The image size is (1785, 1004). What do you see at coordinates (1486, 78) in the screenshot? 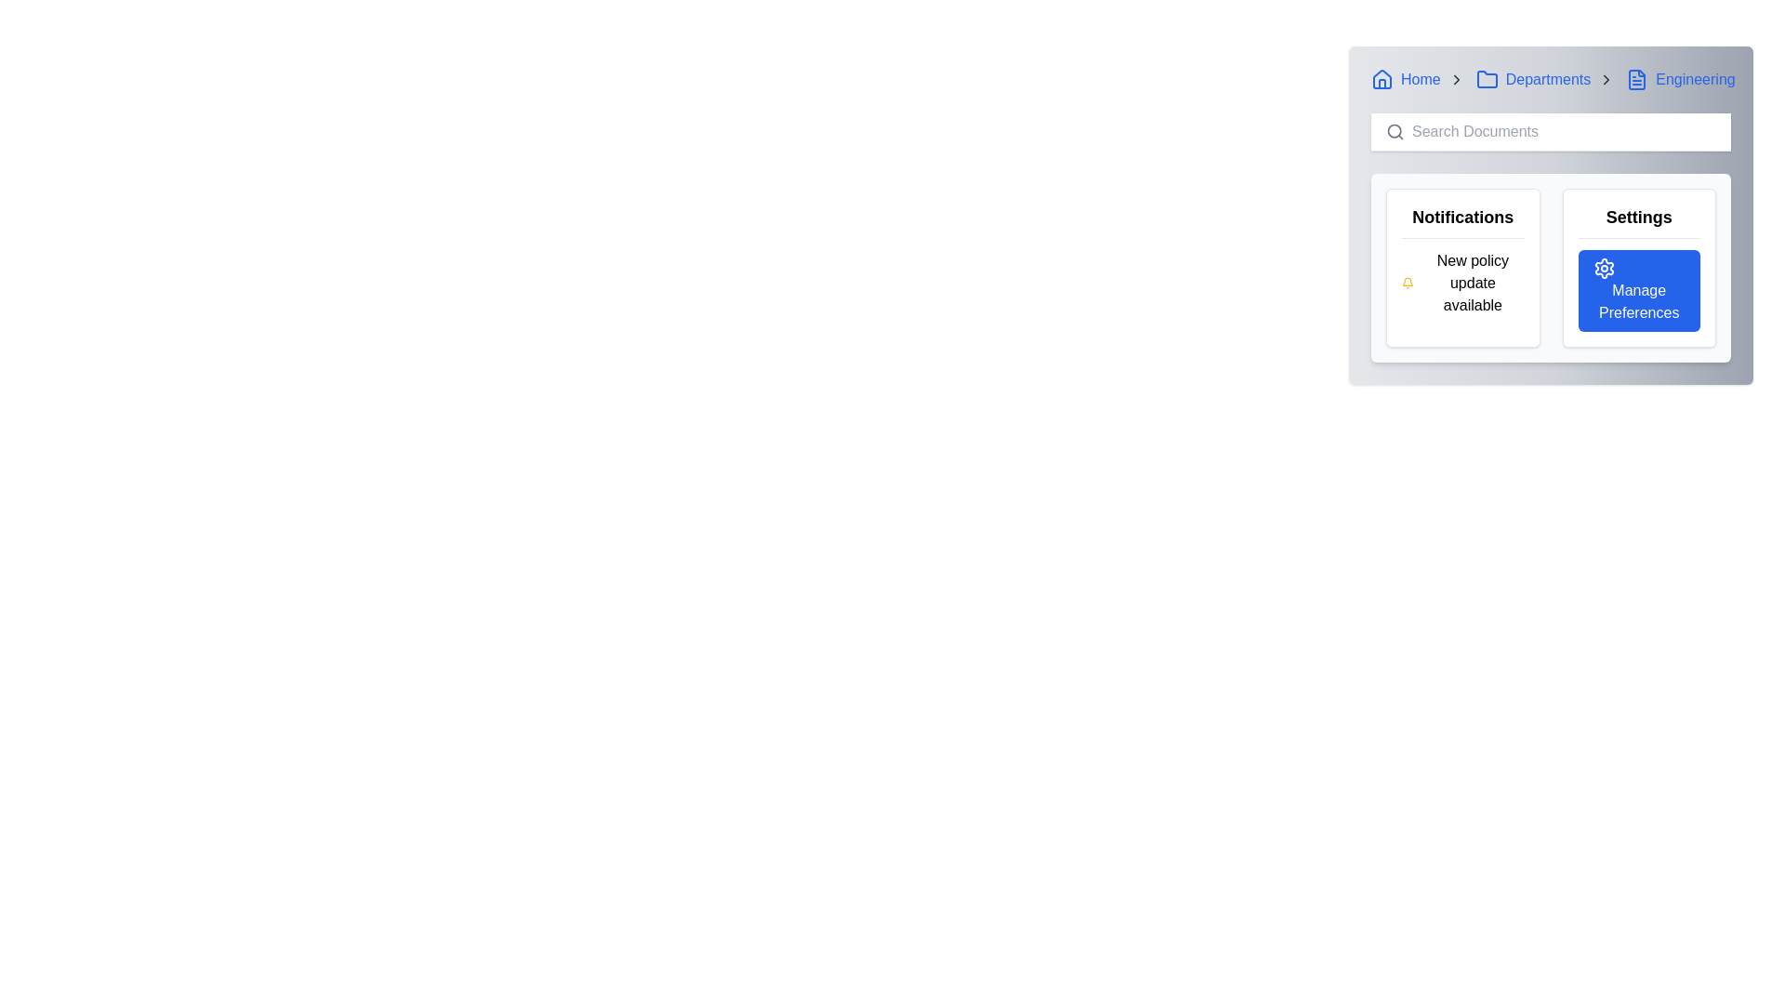
I see `the blue folder icon in the top navigation bar, which is located to the left of the 'Departments' text` at bounding box center [1486, 78].